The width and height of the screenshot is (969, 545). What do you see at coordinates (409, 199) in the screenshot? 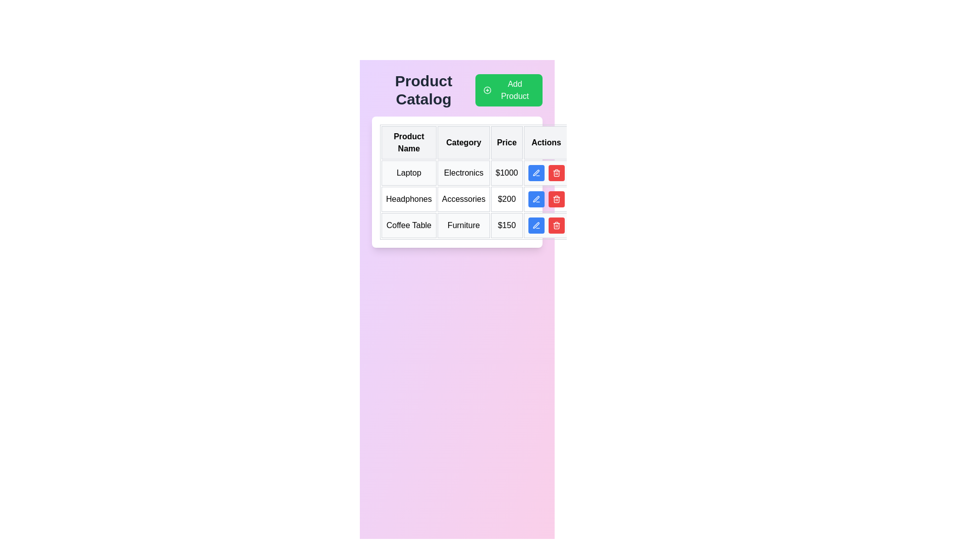
I see `the text cell containing the product name 'Headphones' in the second row of the table to associate it with the adjacent category and price information` at bounding box center [409, 199].